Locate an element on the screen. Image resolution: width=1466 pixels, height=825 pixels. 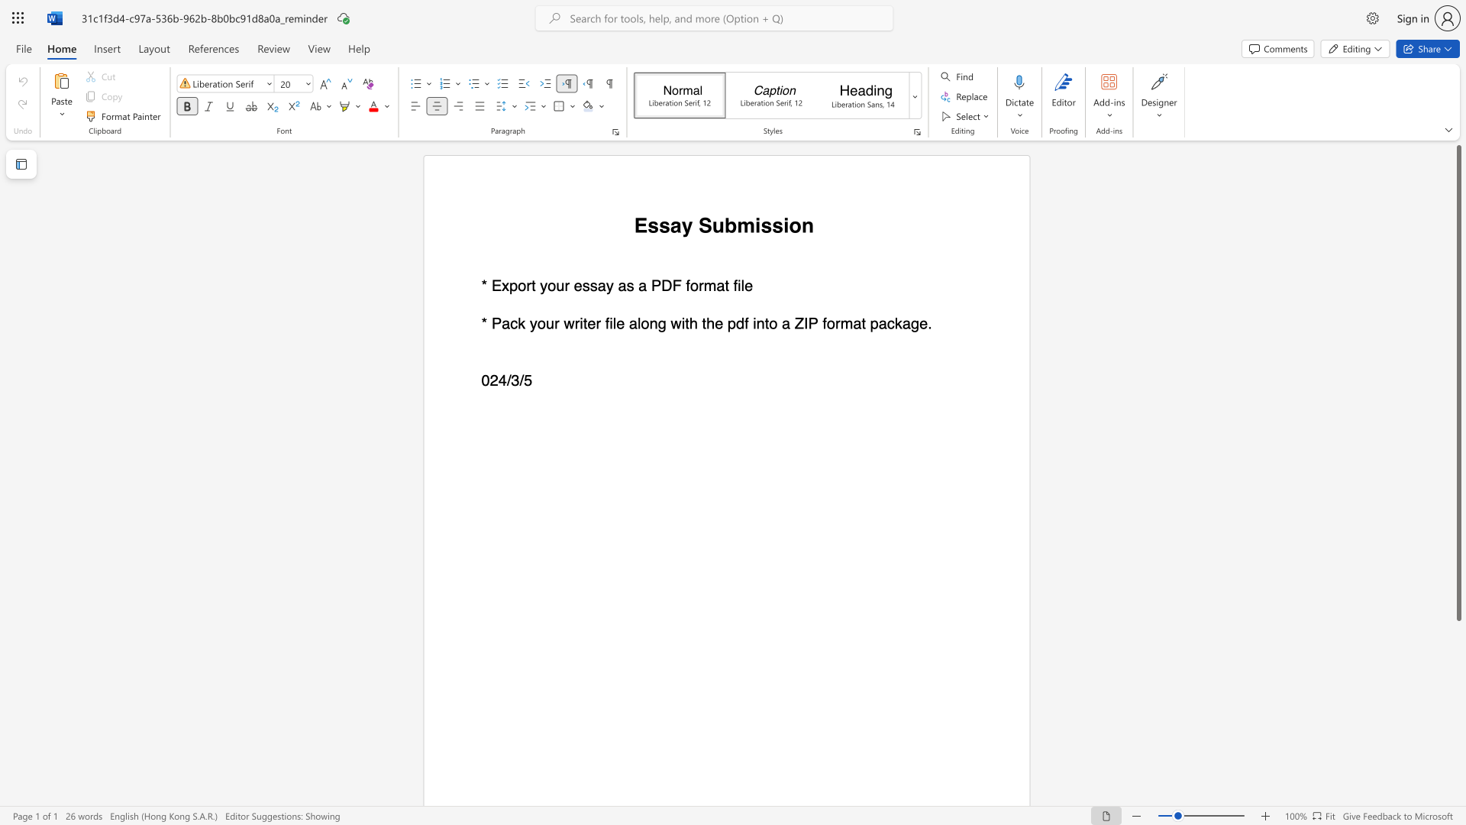
the 1th character "E" in the text is located at coordinates (641, 225).